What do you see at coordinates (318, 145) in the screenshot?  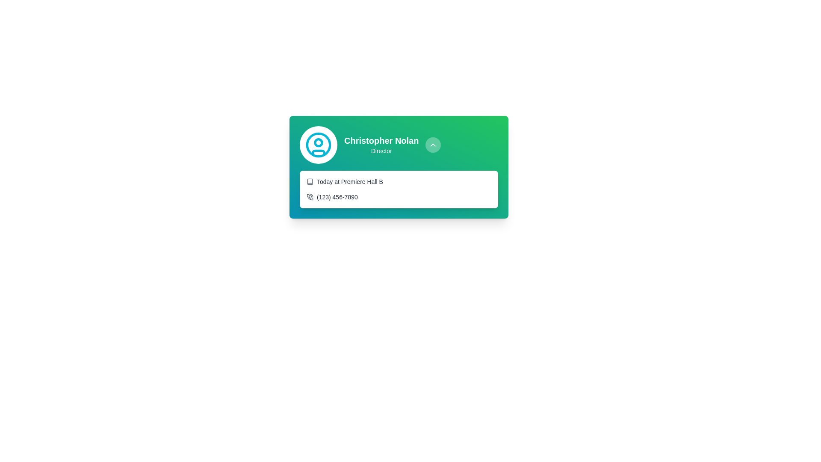 I see `the Circular SVG element that represents the user profile icon, located to the left of the user name and role text` at bounding box center [318, 145].